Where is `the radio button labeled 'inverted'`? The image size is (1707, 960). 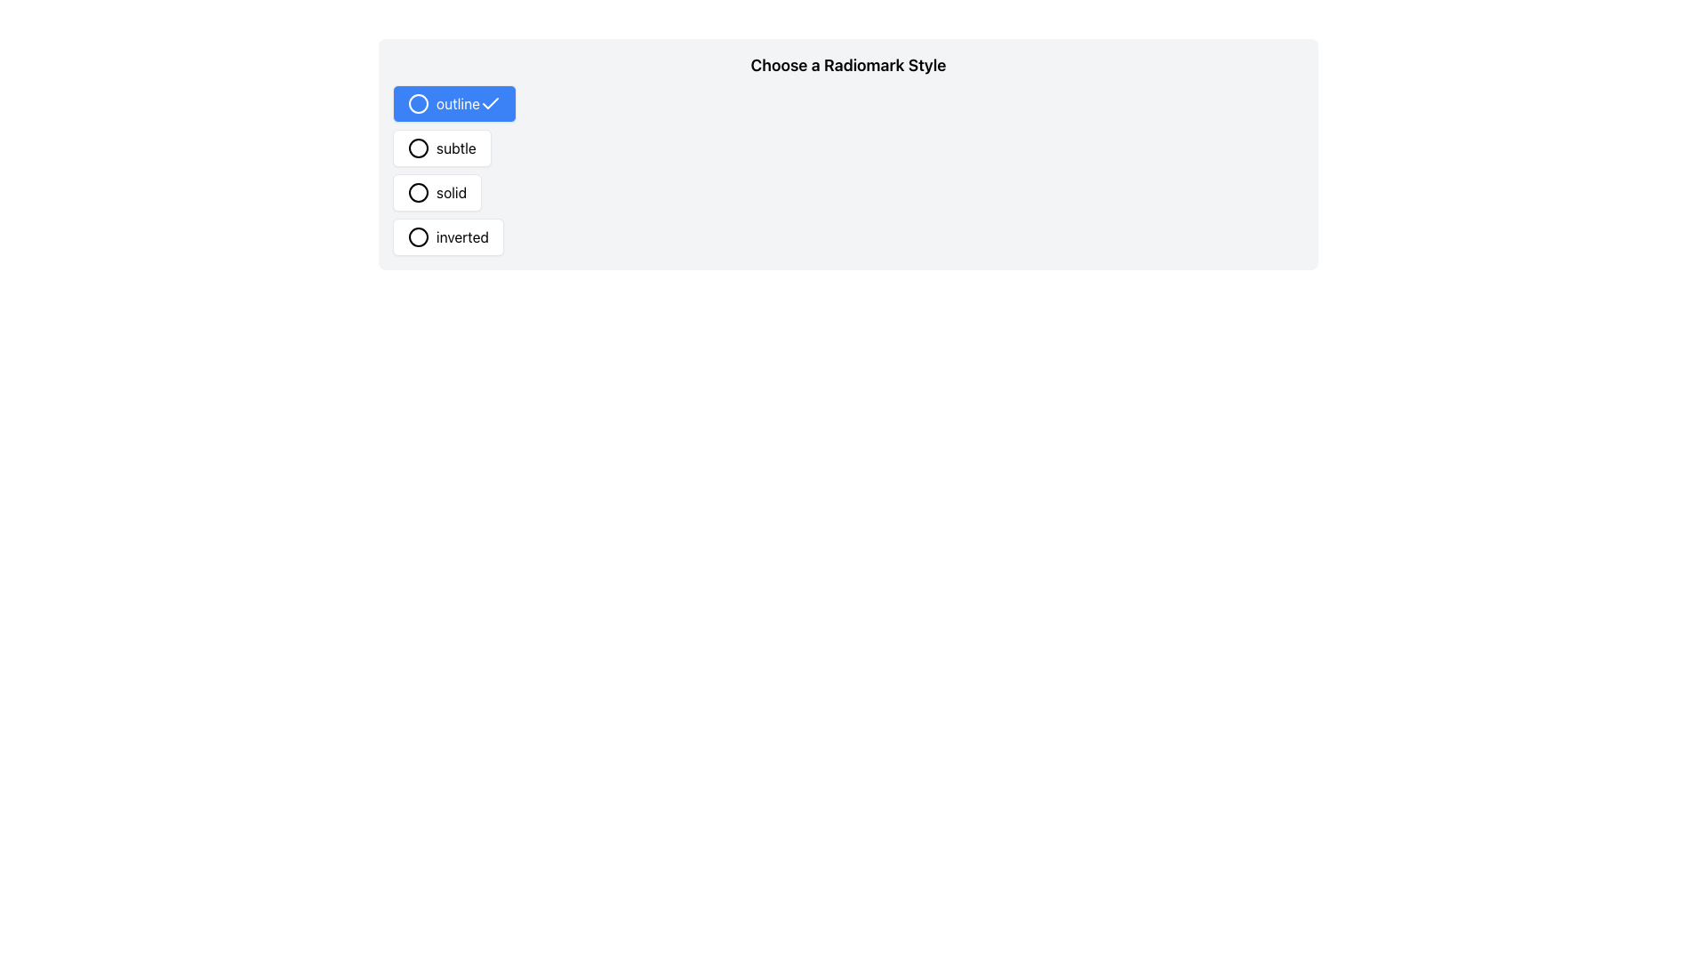
the radio button labeled 'inverted' is located at coordinates (448, 236).